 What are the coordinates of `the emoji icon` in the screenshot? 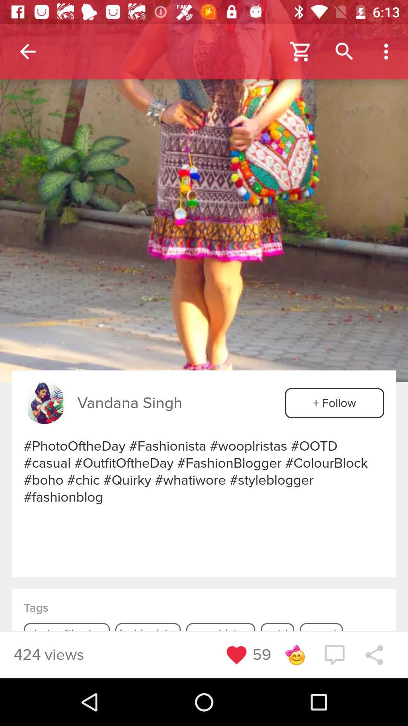 It's located at (294, 655).